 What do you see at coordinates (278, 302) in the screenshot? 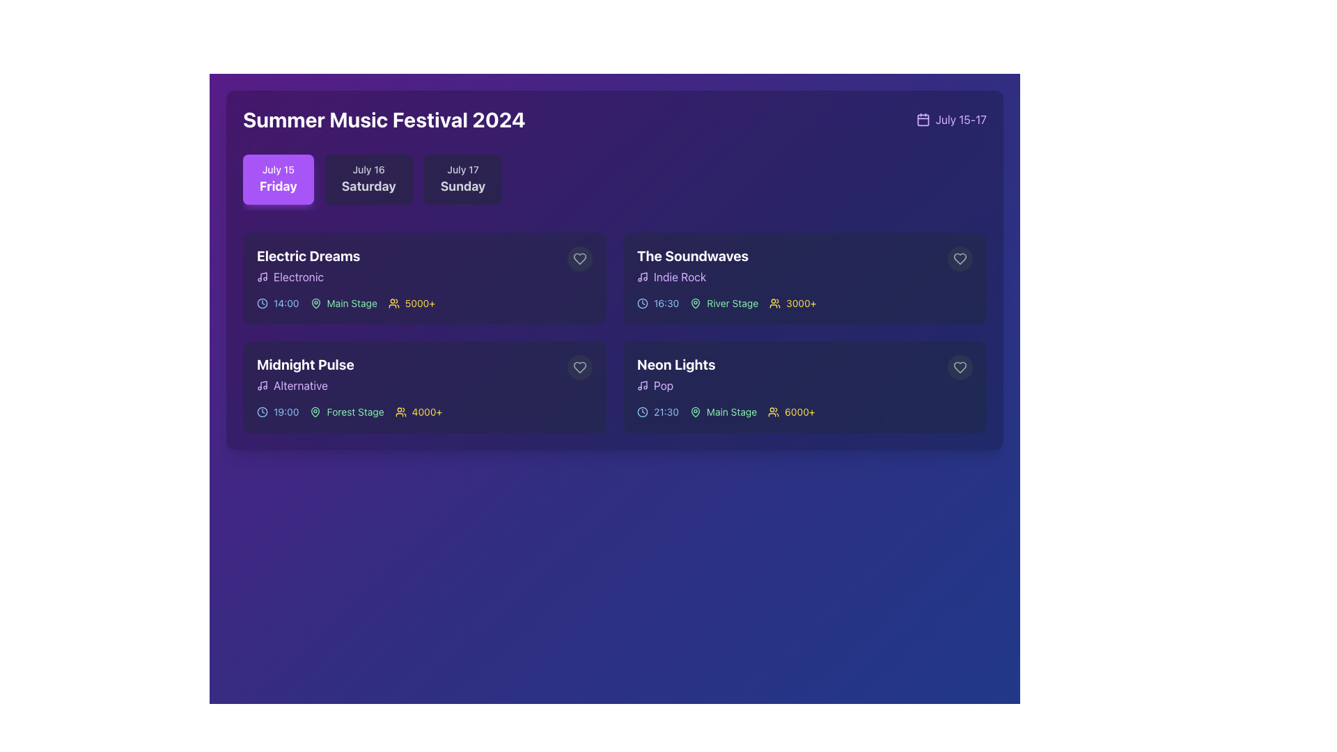
I see `text content of the Static Text displaying '14:00' with blue styling, located next to the clock icon in the 'Electric Dreams' event card` at bounding box center [278, 302].